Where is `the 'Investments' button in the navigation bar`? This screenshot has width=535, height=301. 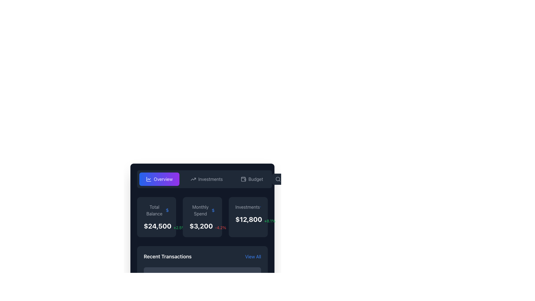
the 'Investments' button in the navigation bar is located at coordinates (206, 179).